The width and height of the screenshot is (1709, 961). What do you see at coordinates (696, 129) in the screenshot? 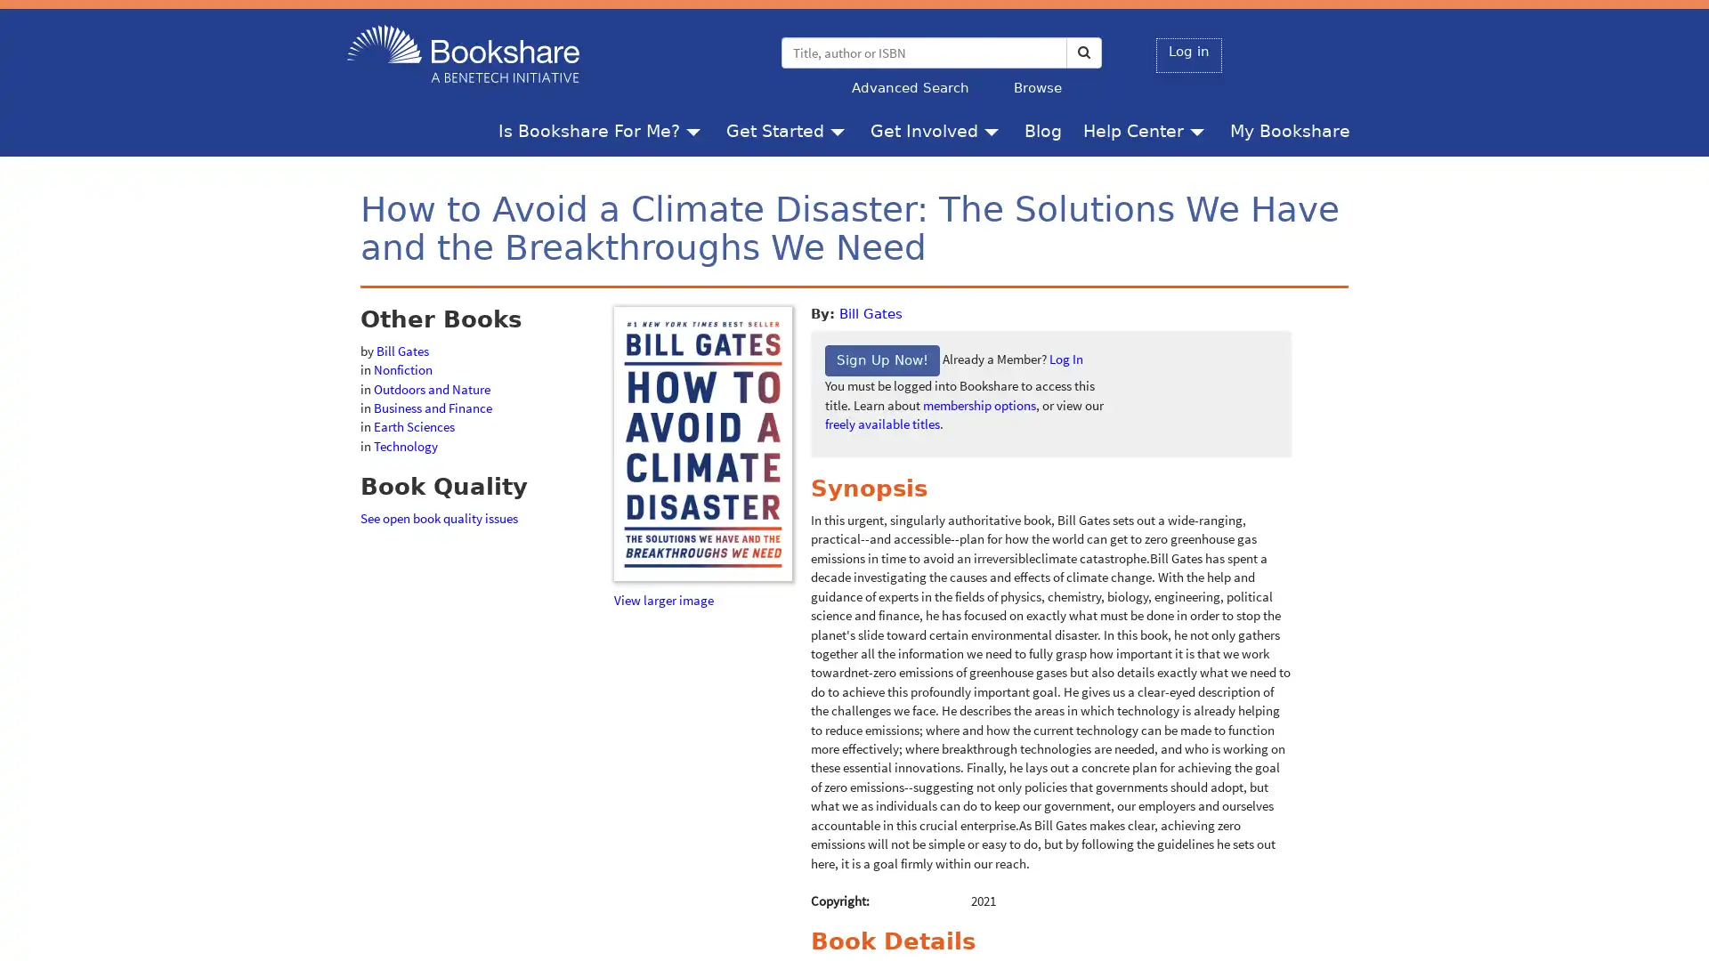
I see `Is Bookshare For Me? menu` at bounding box center [696, 129].